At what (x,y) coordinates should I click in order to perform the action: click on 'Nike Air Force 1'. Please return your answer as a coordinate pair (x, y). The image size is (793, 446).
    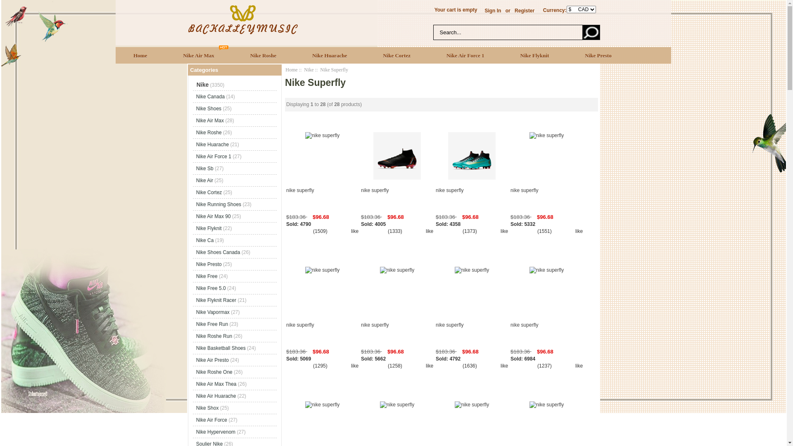
    Looking at the image, I should click on (428, 55).